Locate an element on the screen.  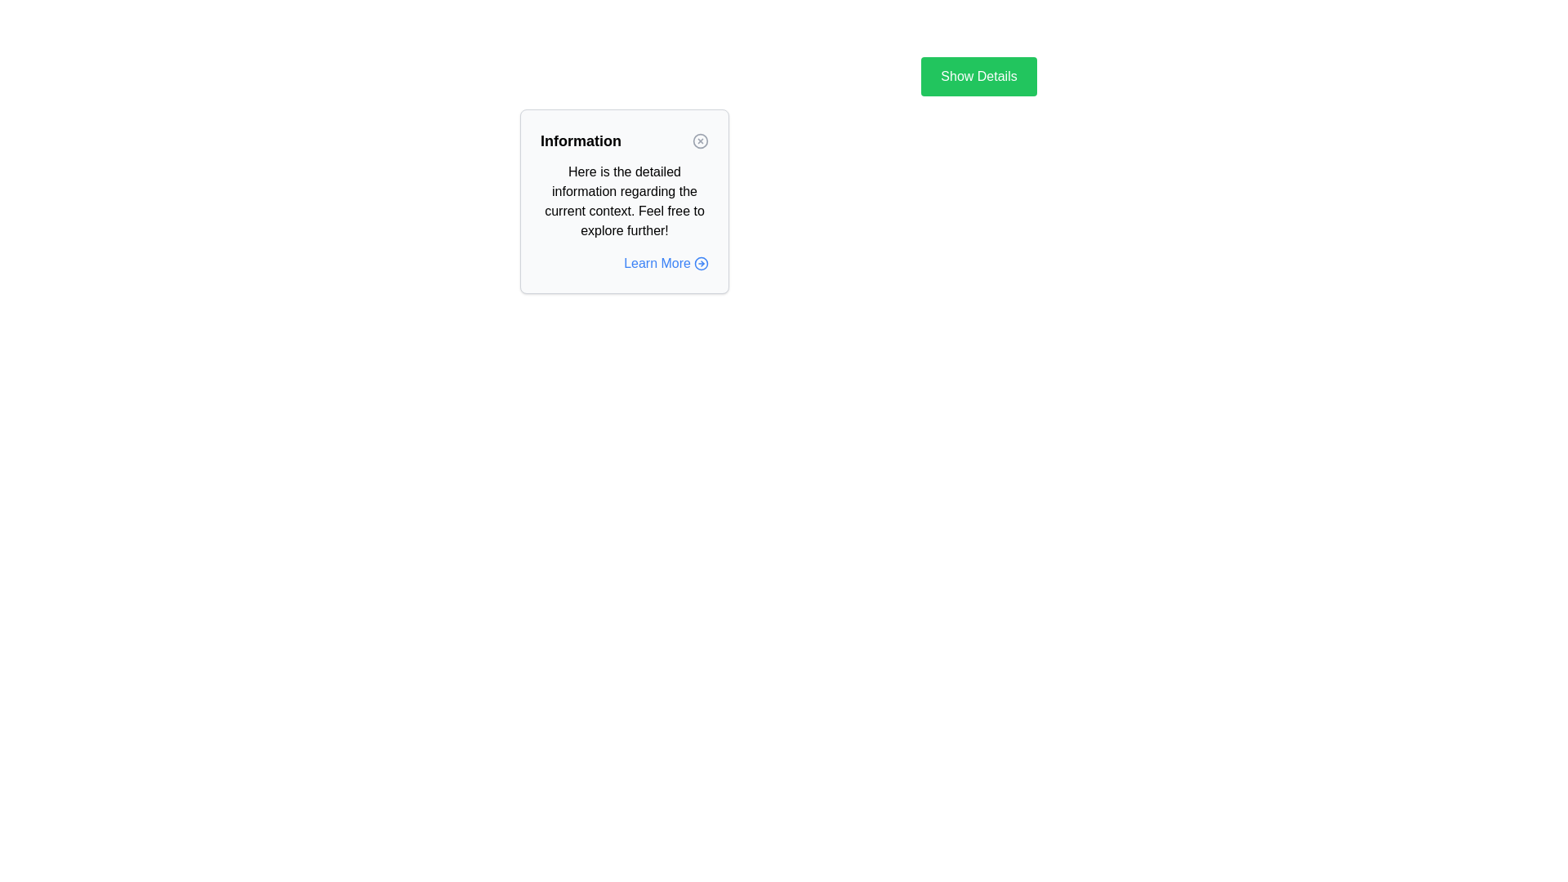
the green rectangular button labeled 'Show Details' to observe its hover effect is located at coordinates (979, 76).